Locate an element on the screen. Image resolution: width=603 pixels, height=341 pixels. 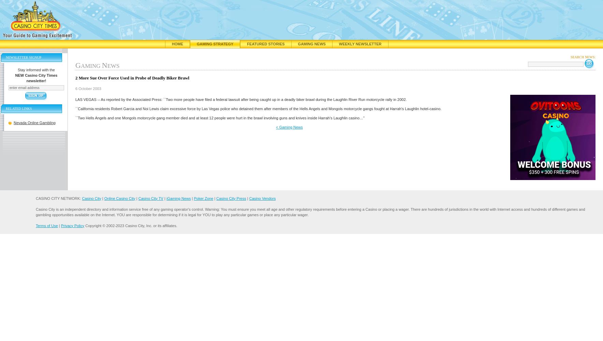
'NEW Casino City Times newsletter!' is located at coordinates (36, 78).